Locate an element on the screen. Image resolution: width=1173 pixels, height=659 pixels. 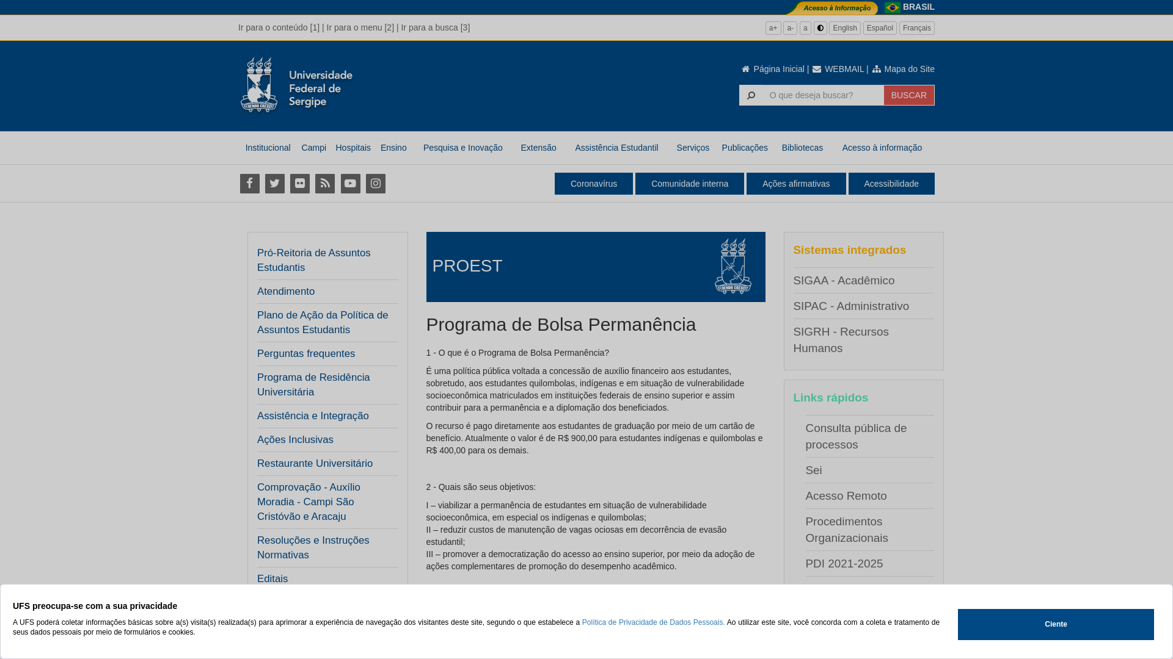
'Ir para a busca [3]' is located at coordinates (435, 27).